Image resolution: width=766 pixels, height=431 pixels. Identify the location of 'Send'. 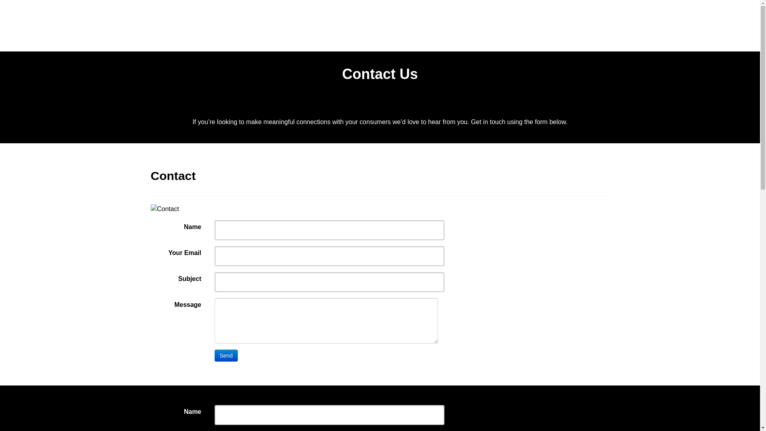
(226, 355).